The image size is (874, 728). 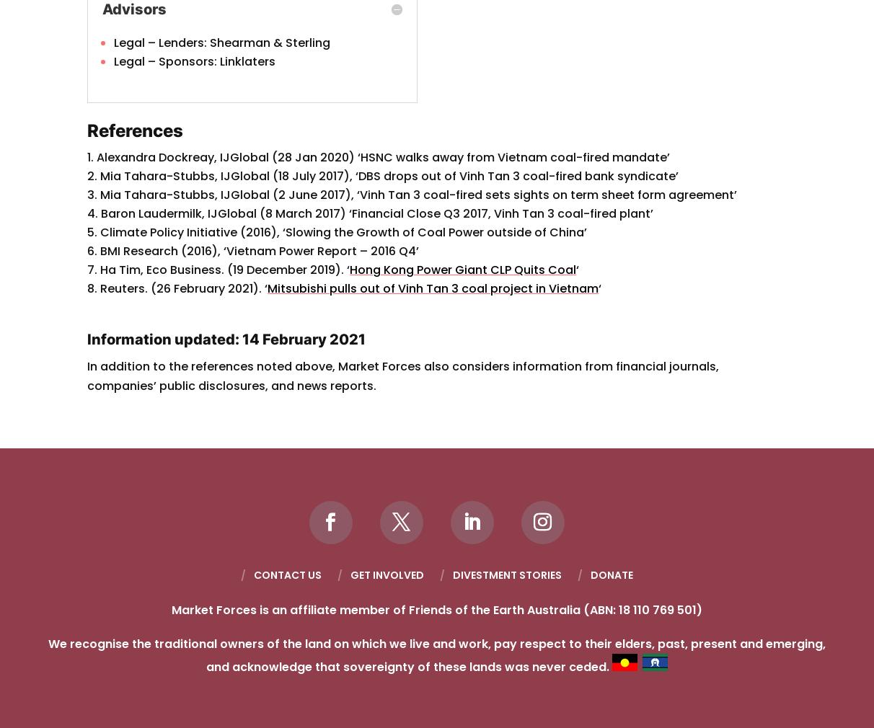 I want to click on 'Divestment stories', so click(x=506, y=574).